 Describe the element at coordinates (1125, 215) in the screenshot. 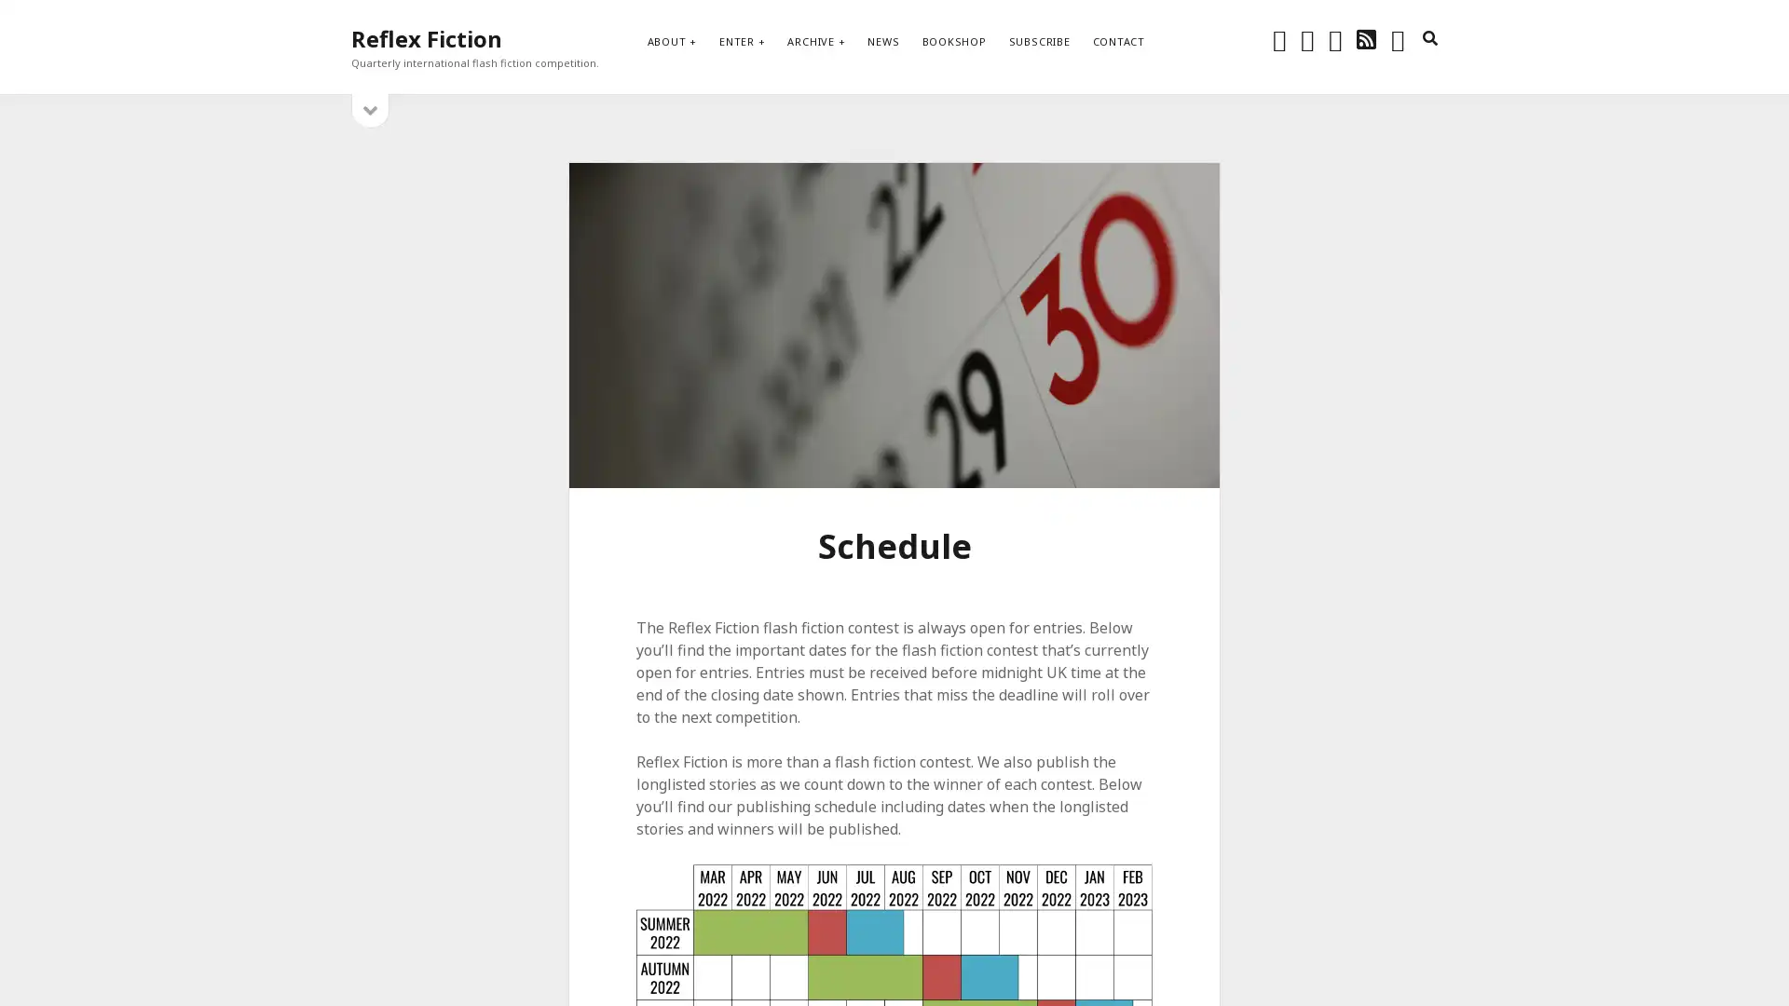

I see `Subscribe` at that location.